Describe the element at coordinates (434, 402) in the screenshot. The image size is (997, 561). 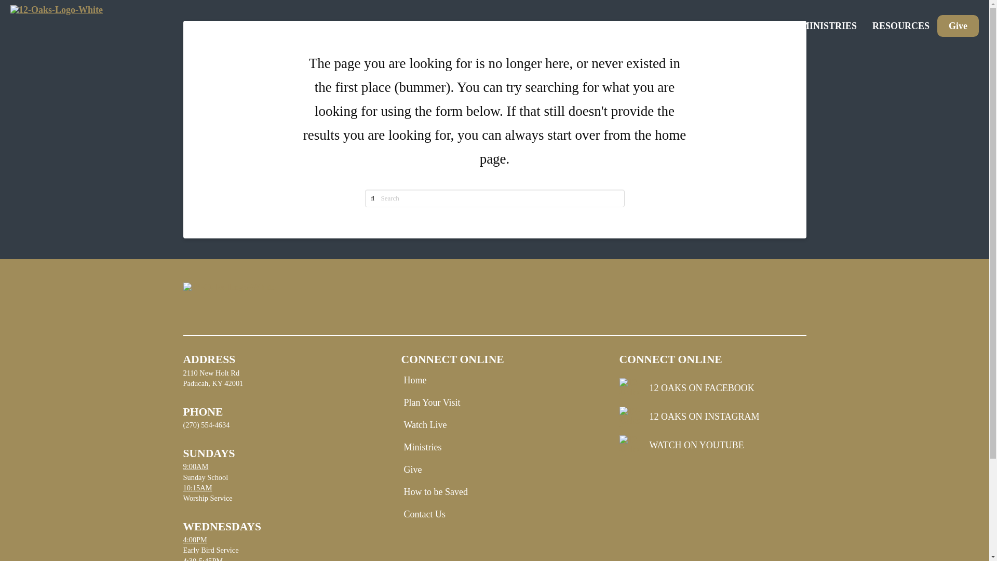
I see `'Plan Your Visit'` at that location.